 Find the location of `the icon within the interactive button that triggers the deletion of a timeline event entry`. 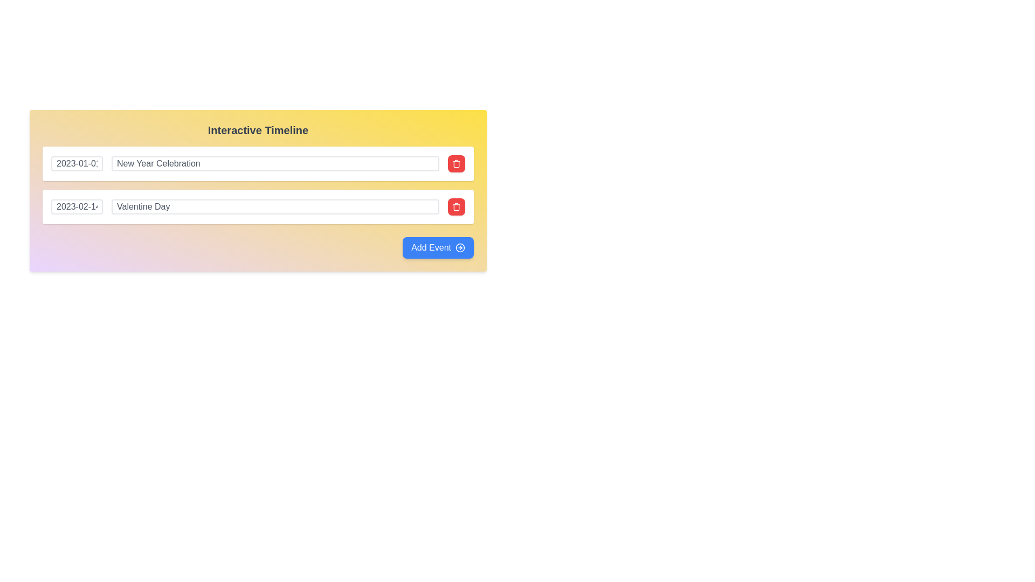

the icon within the interactive button that triggers the deletion of a timeline event entry is located at coordinates (456, 164).